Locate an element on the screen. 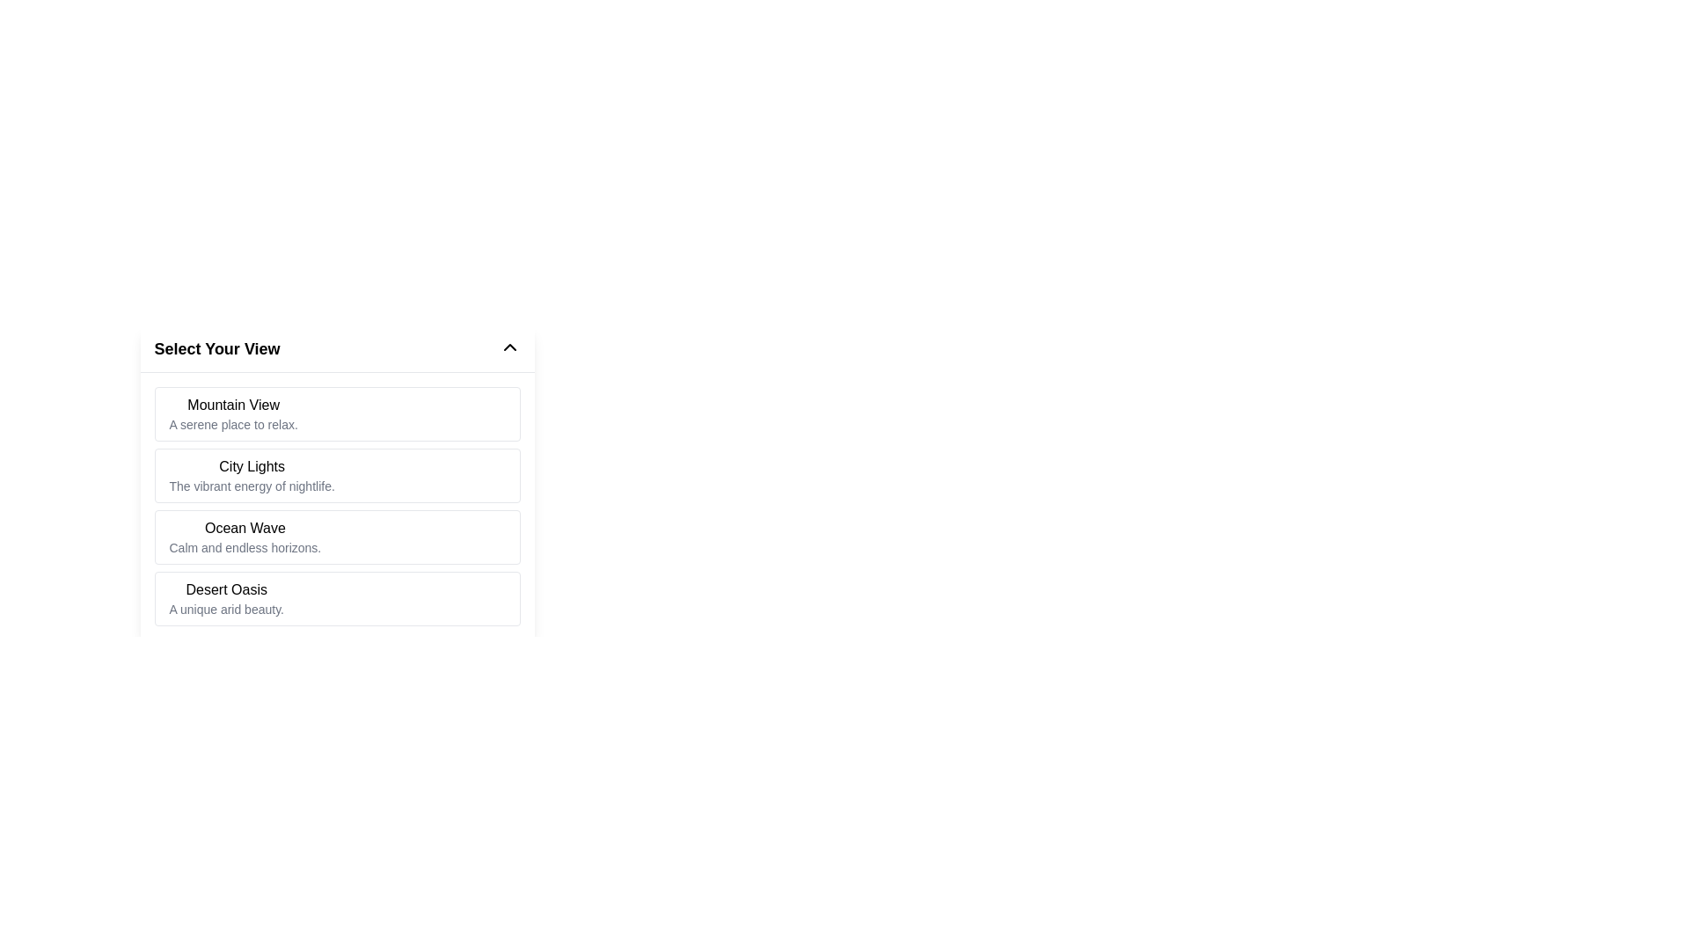  text label for the fourth selectable option titled 'Desert Oasis' located under 'Select Your View' is located at coordinates (225, 590).